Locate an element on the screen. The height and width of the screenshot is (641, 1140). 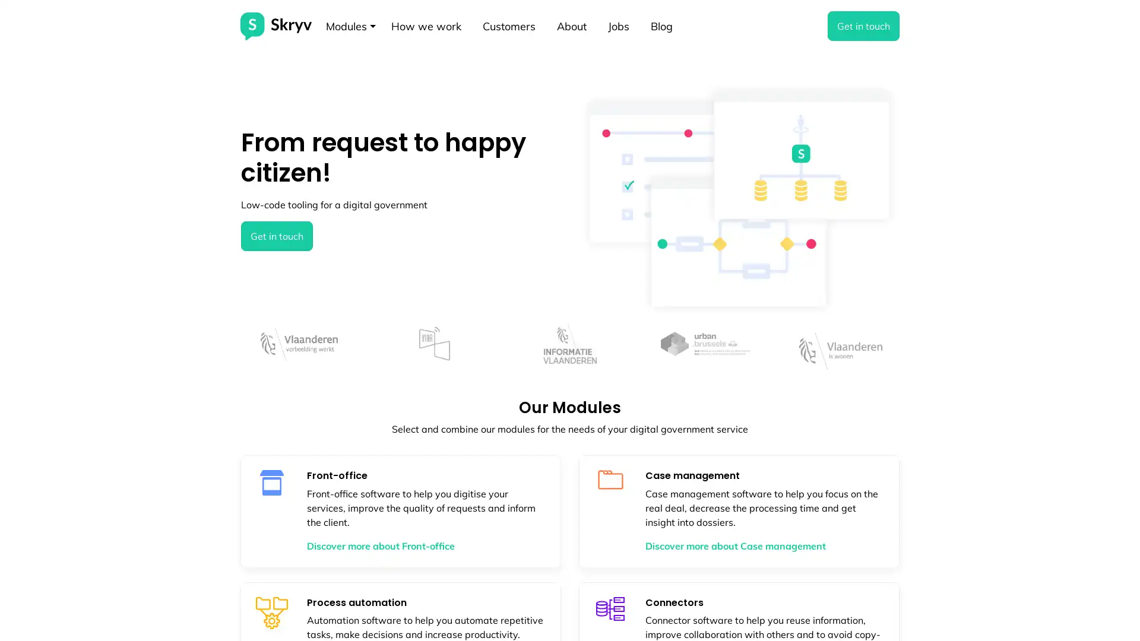
Get in touch is located at coordinates (276, 236).